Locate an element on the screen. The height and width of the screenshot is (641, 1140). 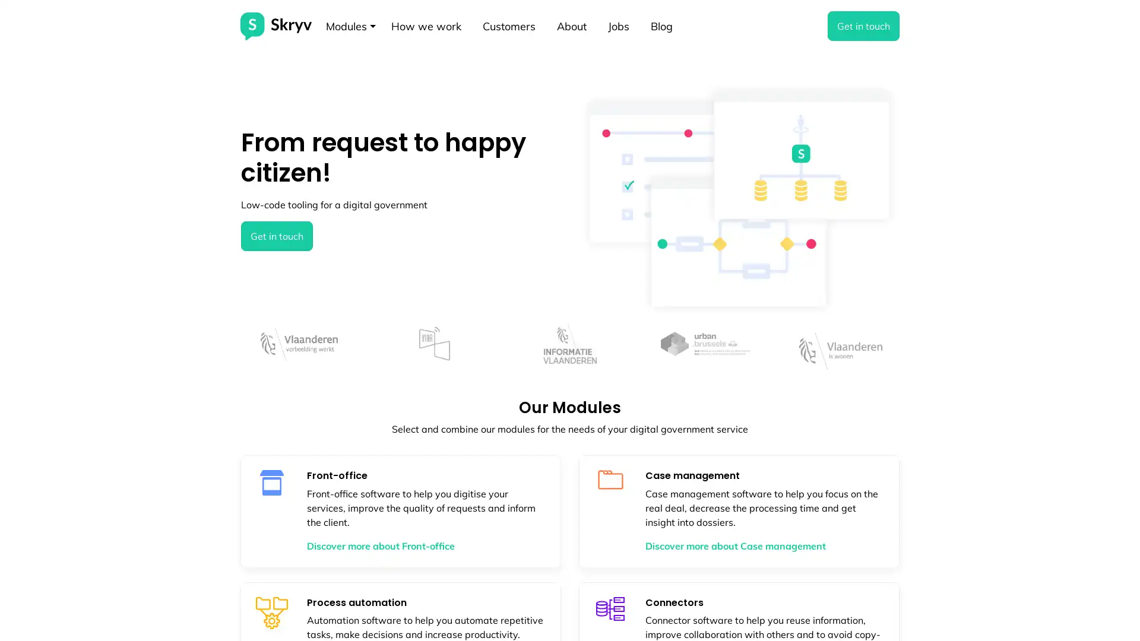
Get in touch is located at coordinates (276, 236).